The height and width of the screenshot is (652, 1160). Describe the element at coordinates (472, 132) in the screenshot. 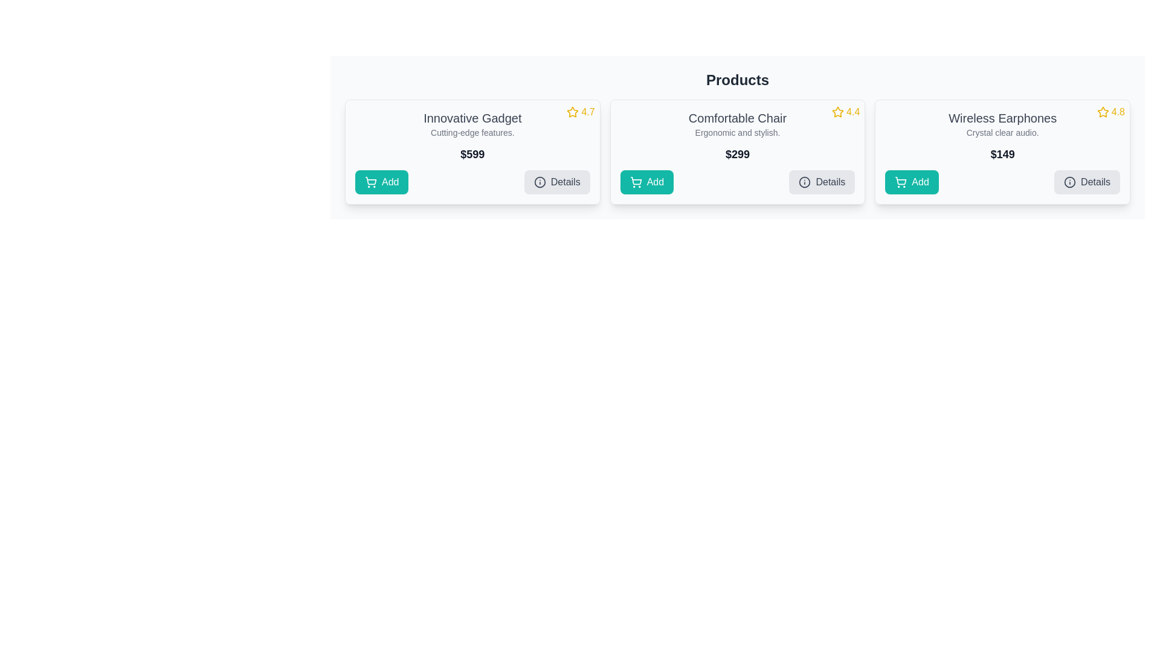

I see `the text label that reads 'Cutting-edge features.' located below the heading 'Innovative Gadget' in the leftmost card of the layout` at that location.